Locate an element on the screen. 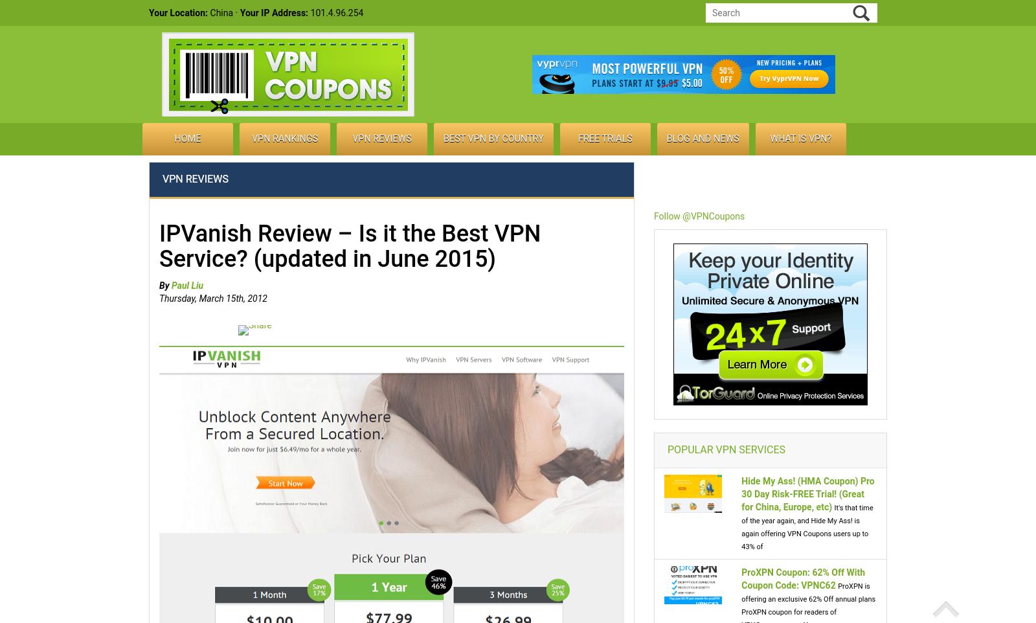 Image resolution: width=1036 pixels, height=623 pixels. 'Home' is located at coordinates (187, 138).